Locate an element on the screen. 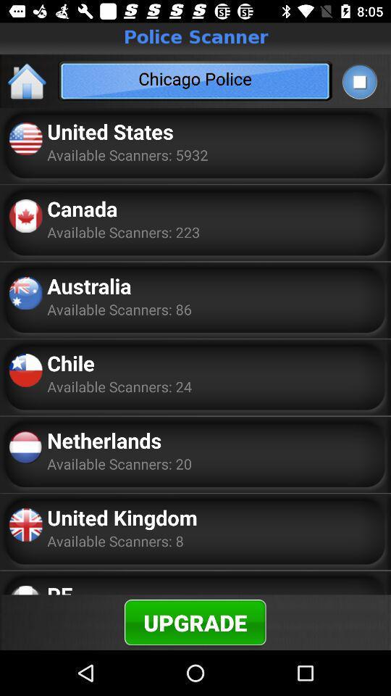 This screenshot has height=696, width=391. item next to the chicago police item is located at coordinates (28, 80).